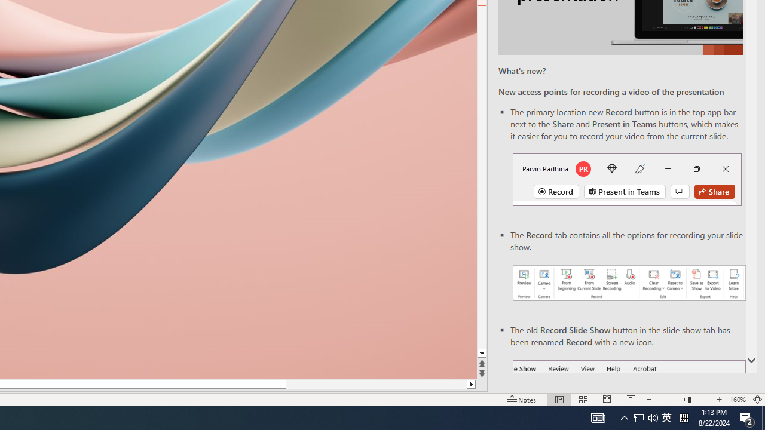 This screenshot has width=765, height=430. I want to click on 'Zoom 160%', so click(737, 400).